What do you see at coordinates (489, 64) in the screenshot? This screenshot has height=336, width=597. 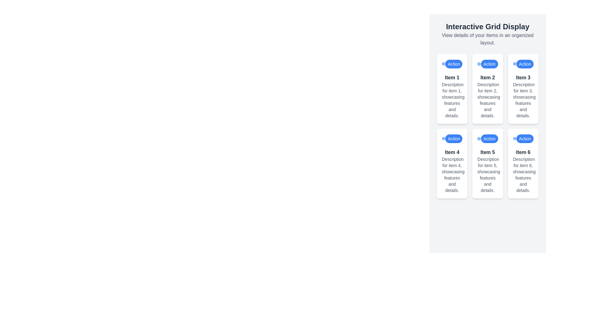 I see `the second button` at bounding box center [489, 64].